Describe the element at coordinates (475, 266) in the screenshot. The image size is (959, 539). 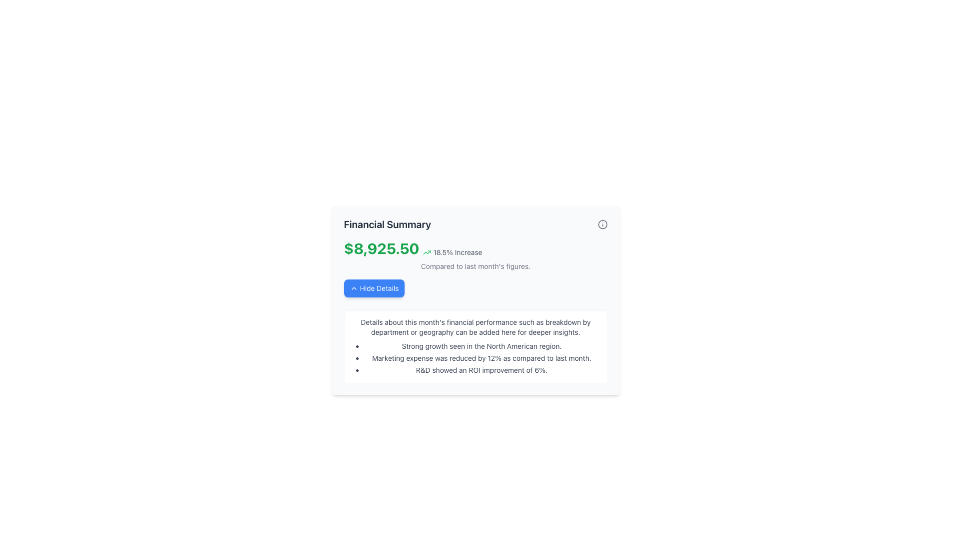
I see `the static text providing context for the financial data, positioned under the financial summary and above the 'Hide Details' button` at that location.